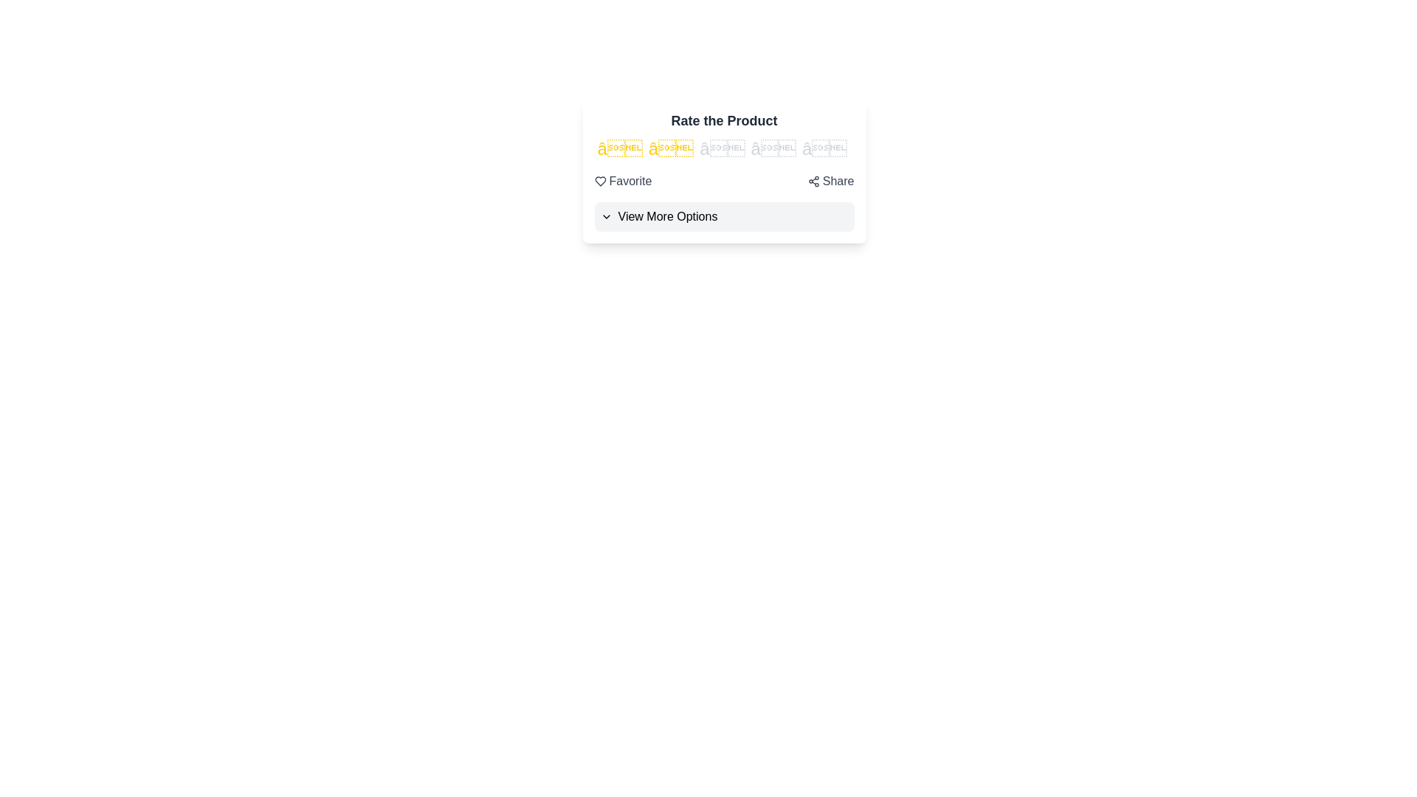 The height and width of the screenshot is (797, 1417). What do you see at coordinates (773, 148) in the screenshot?
I see `the rating to 4 stars by clicking on the corresponding star` at bounding box center [773, 148].